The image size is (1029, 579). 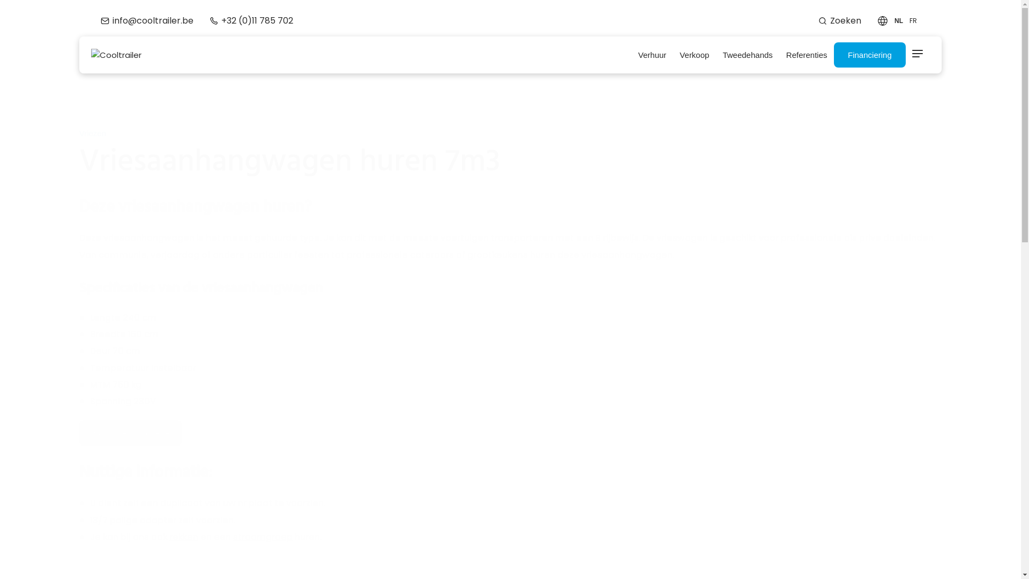 I want to click on 'Verkoop', so click(x=695, y=55).